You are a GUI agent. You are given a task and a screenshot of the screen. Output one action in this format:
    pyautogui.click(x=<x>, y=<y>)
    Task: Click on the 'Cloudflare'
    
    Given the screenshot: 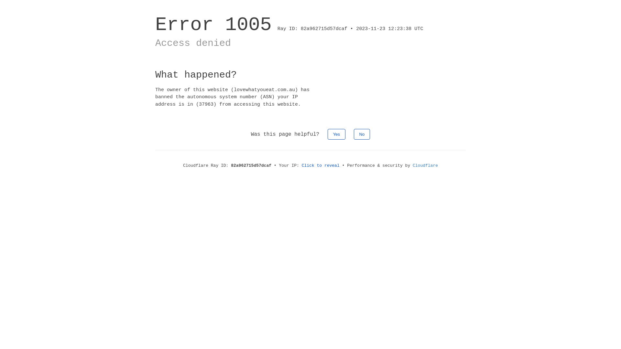 What is the action you would take?
    pyautogui.click(x=425, y=165)
    